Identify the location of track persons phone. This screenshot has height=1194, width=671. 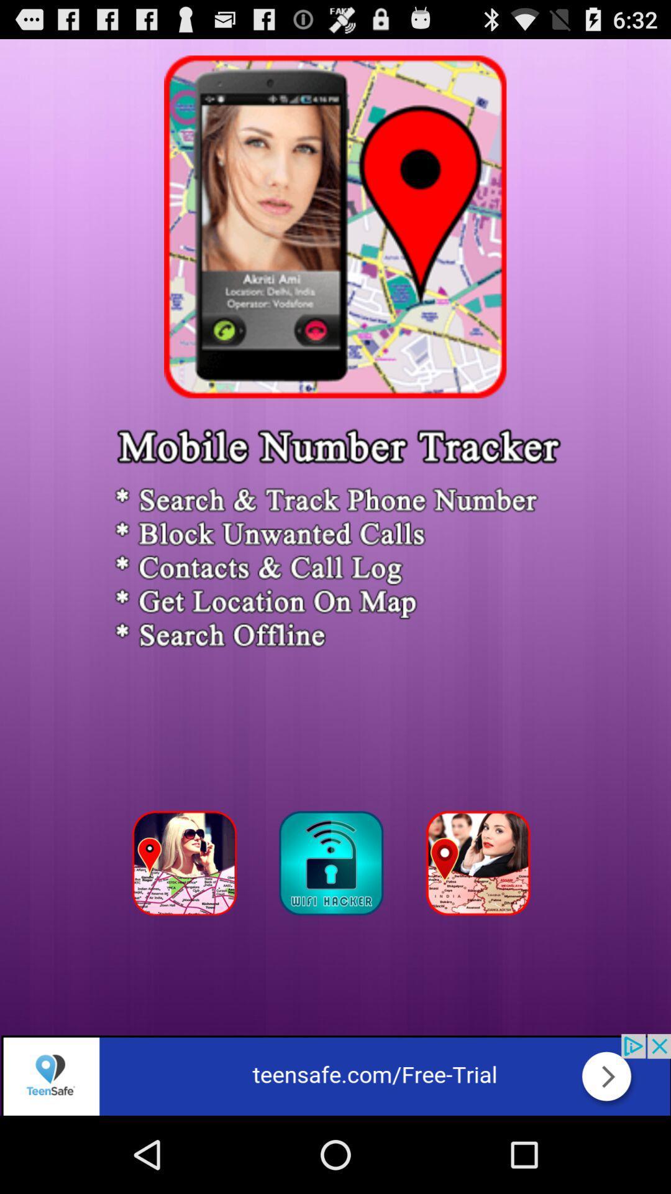
(481, 866).